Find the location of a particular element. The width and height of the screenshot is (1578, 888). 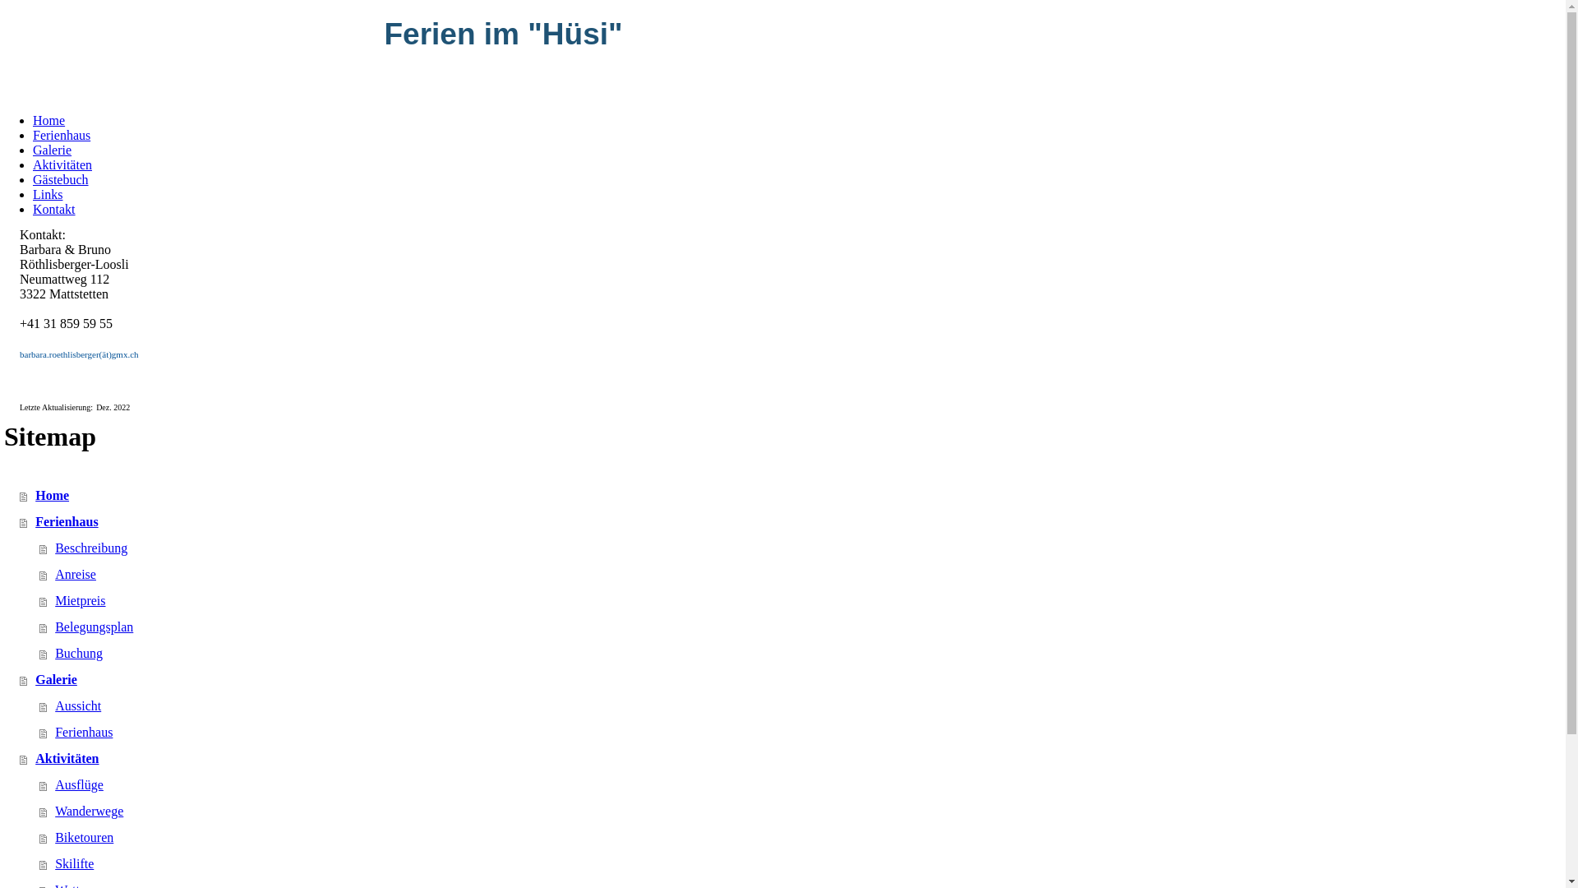

'Buchung' is located at coordinates (39, 652).